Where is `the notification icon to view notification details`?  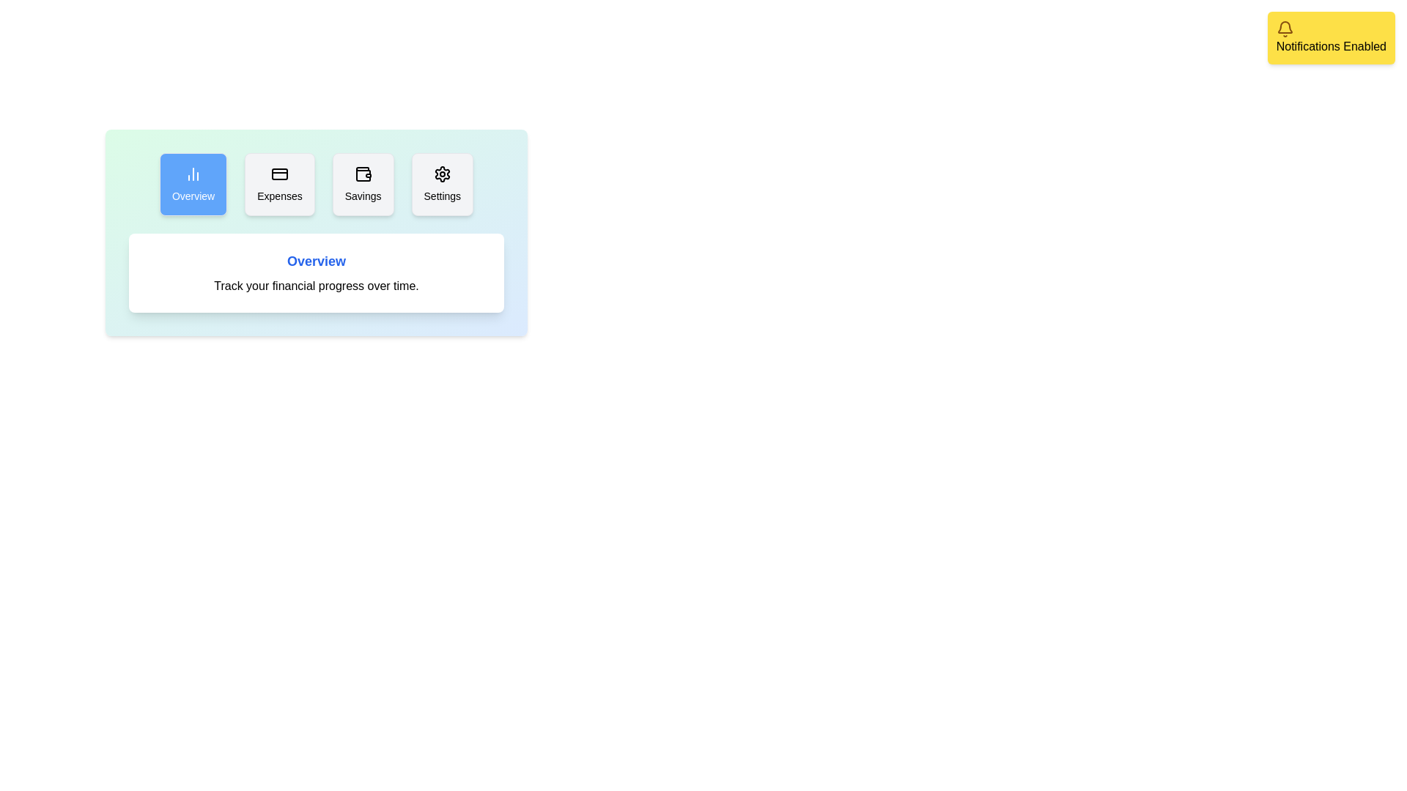 the notification icon to view notification details is located at coordinates (1284, 29).